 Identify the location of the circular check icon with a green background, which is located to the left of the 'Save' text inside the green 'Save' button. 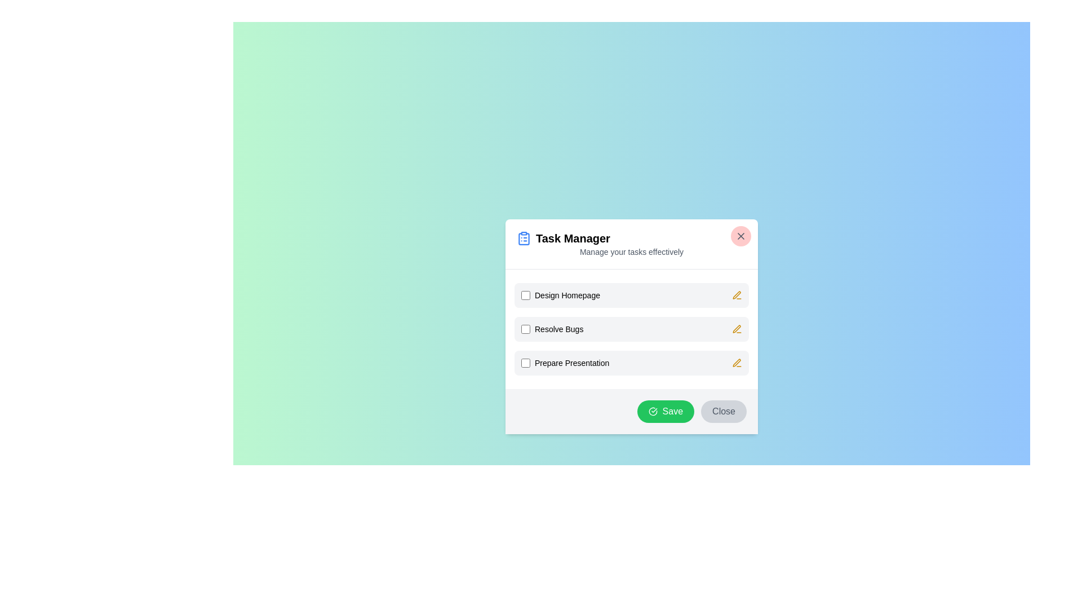
(653, 412).